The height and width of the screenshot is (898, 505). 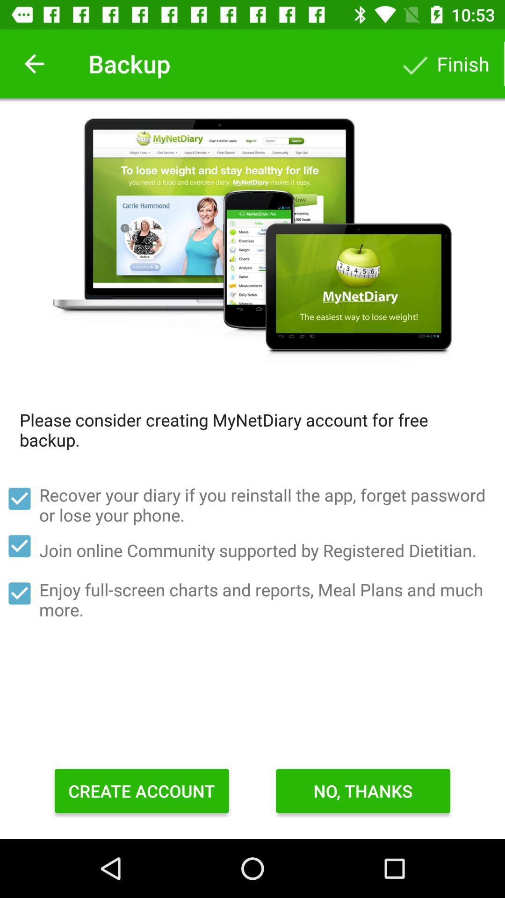 I want to click on create account item, so click(x=142, y=790).